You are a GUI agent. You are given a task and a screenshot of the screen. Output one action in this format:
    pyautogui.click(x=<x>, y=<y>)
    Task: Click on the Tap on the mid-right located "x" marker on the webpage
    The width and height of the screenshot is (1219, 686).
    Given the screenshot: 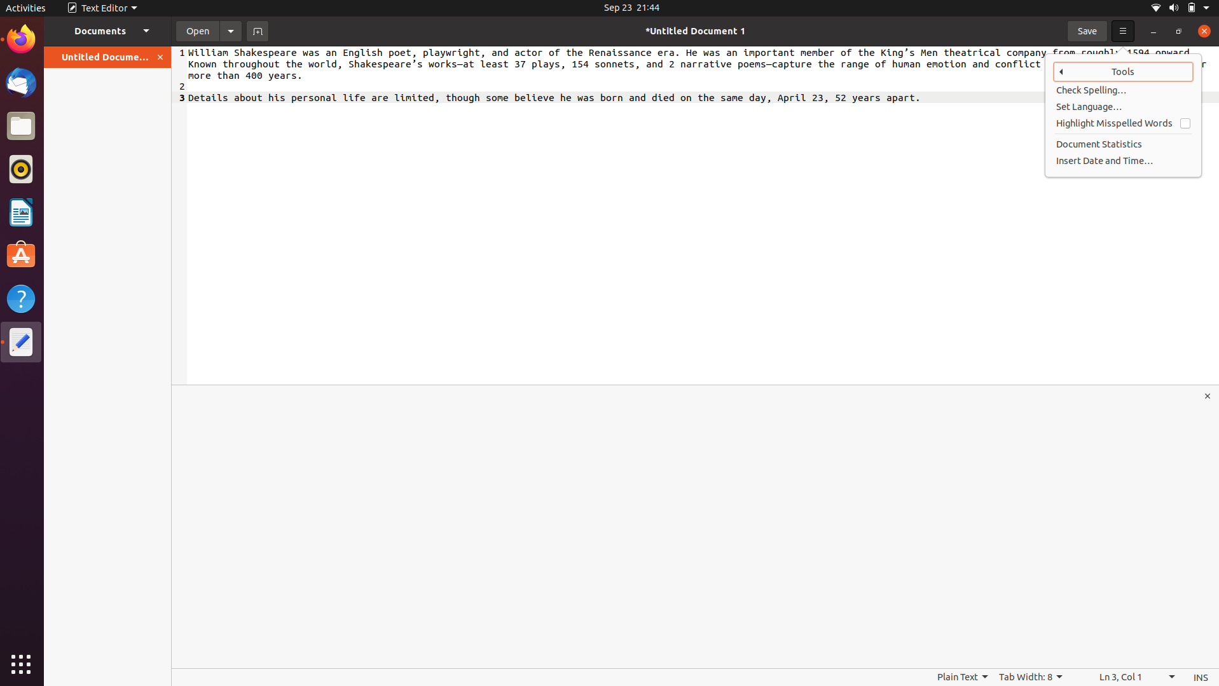 What is the action you would take?
    pyautogui.click(x=1208, y=395)
    